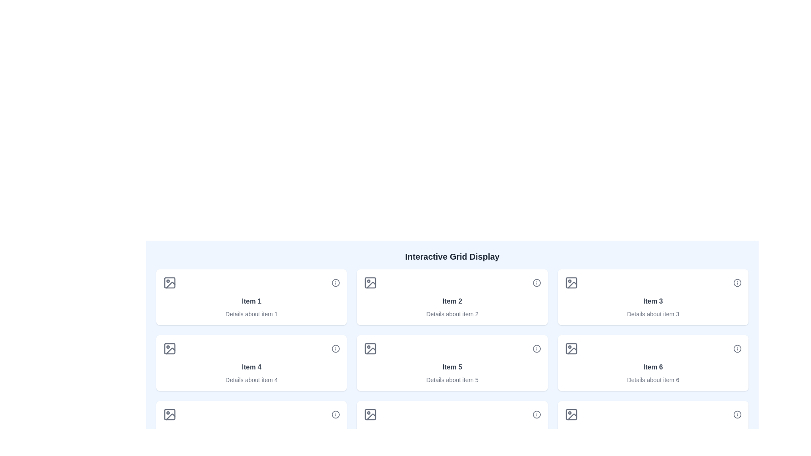  Describe the element at coordinates (335, 348) in the screenshot. I see `the informational or decorative icon (Circle) located in the 'Item 4' section, positioned below 'Item 1' and to the left of 'Item 5'` at that location.